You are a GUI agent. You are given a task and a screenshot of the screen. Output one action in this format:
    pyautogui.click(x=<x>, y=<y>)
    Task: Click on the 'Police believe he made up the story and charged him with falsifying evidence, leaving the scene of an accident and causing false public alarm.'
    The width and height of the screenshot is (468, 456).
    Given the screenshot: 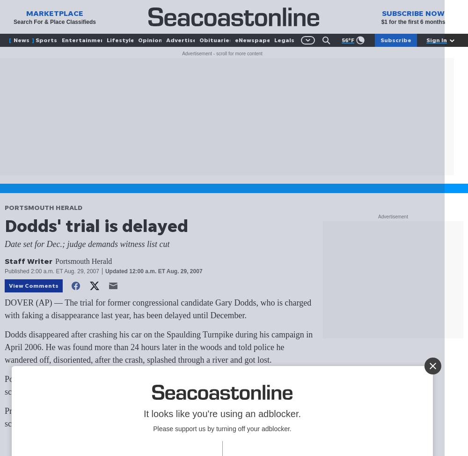 What is the action you would take?
    pyautogui.click(x=155, y=385)
    